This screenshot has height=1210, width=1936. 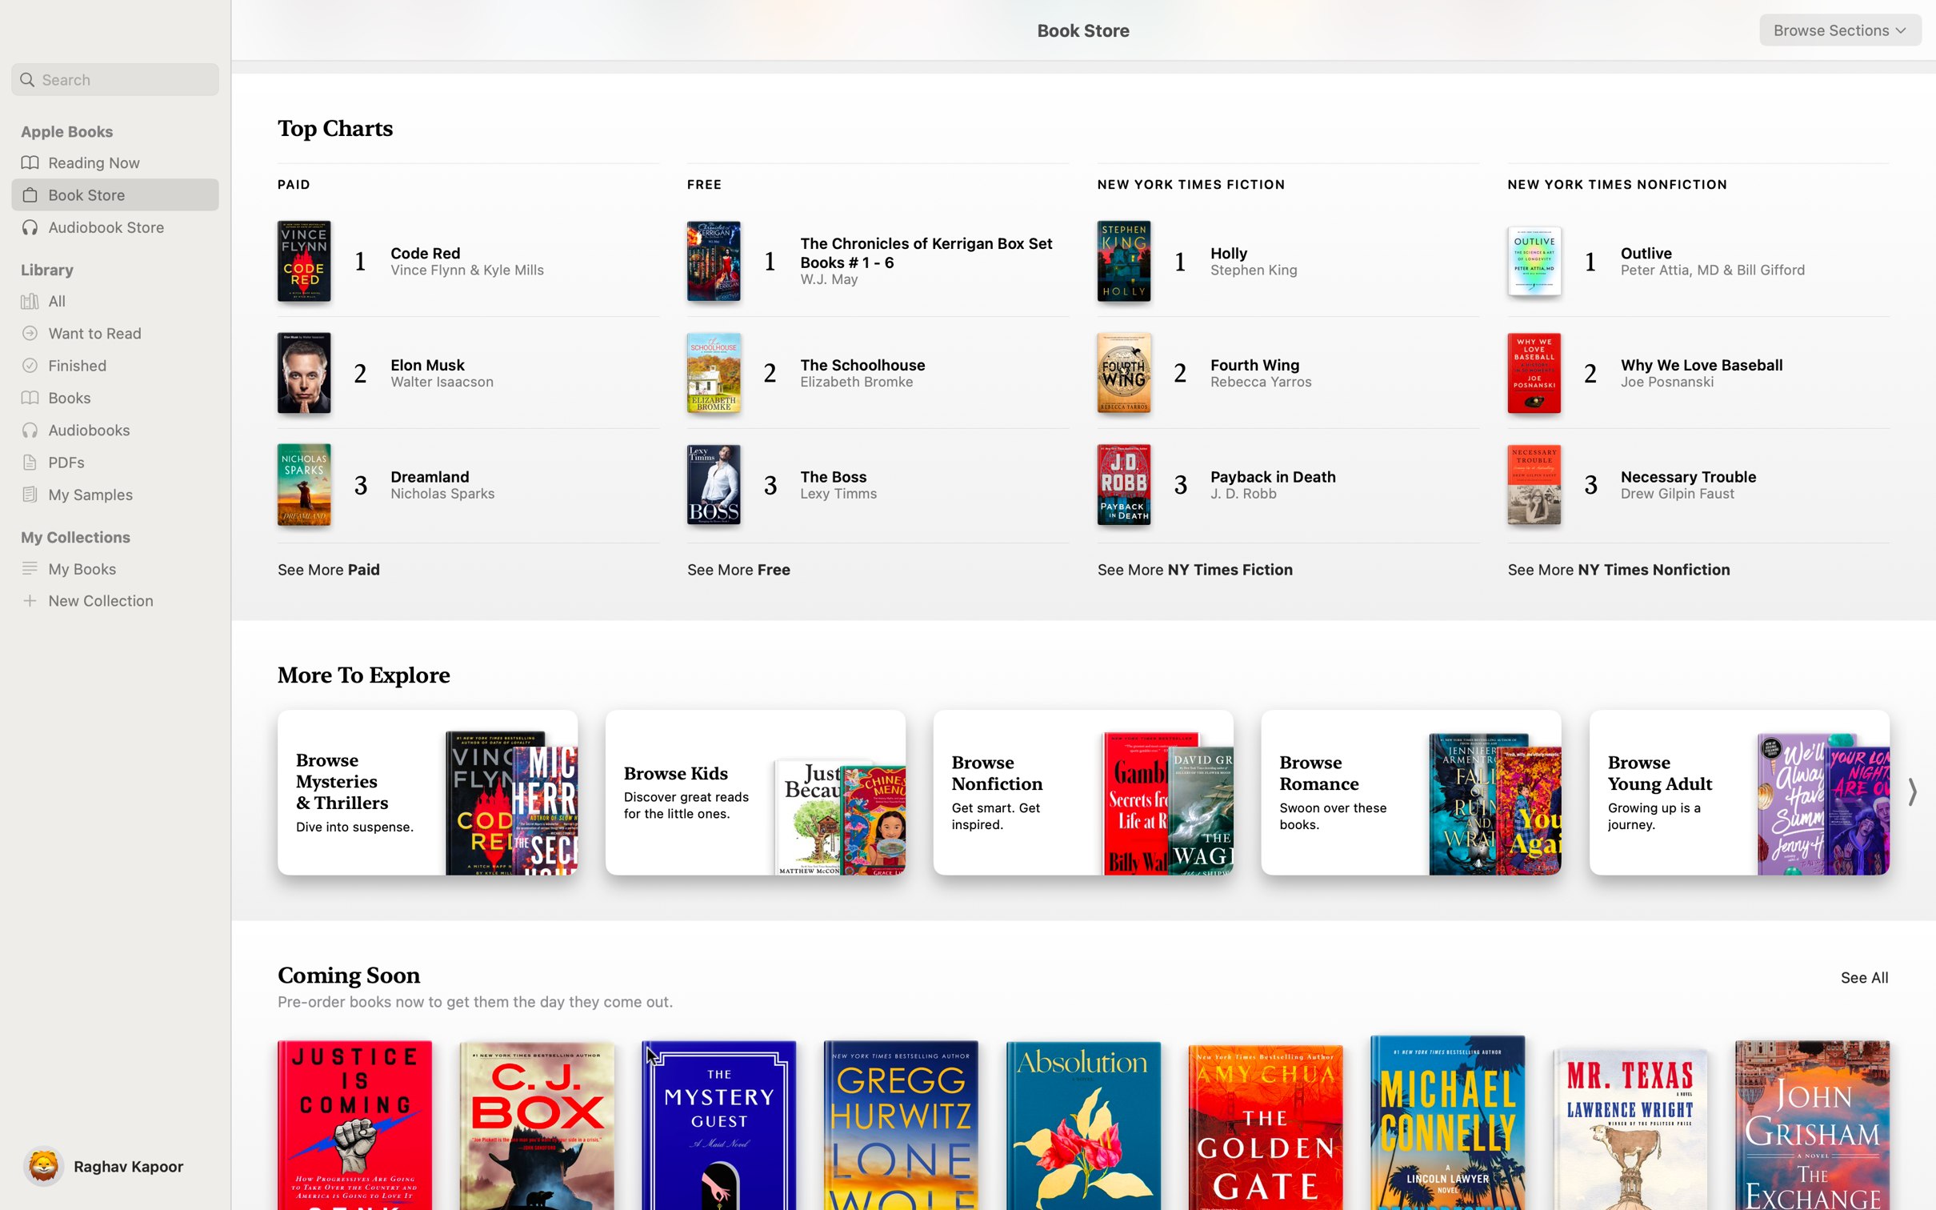 What do you see at coordinates (1840, 30) in the screenshot?
I see `"Adult" category using top right "Browse" menu` at bounding box center [1840, 30].